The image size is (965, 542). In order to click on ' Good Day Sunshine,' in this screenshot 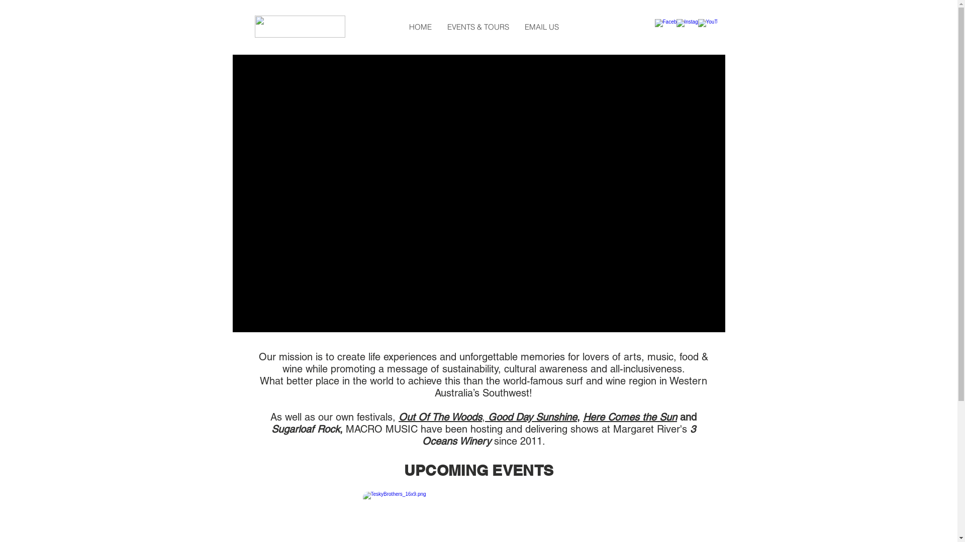, I will do `click(532, 417)`.